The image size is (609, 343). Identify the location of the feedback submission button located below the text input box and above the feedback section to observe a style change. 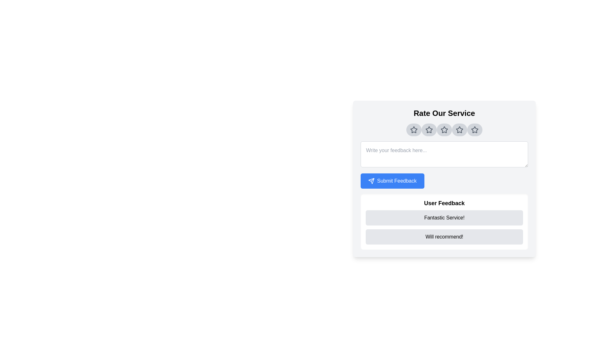
(392, 181).